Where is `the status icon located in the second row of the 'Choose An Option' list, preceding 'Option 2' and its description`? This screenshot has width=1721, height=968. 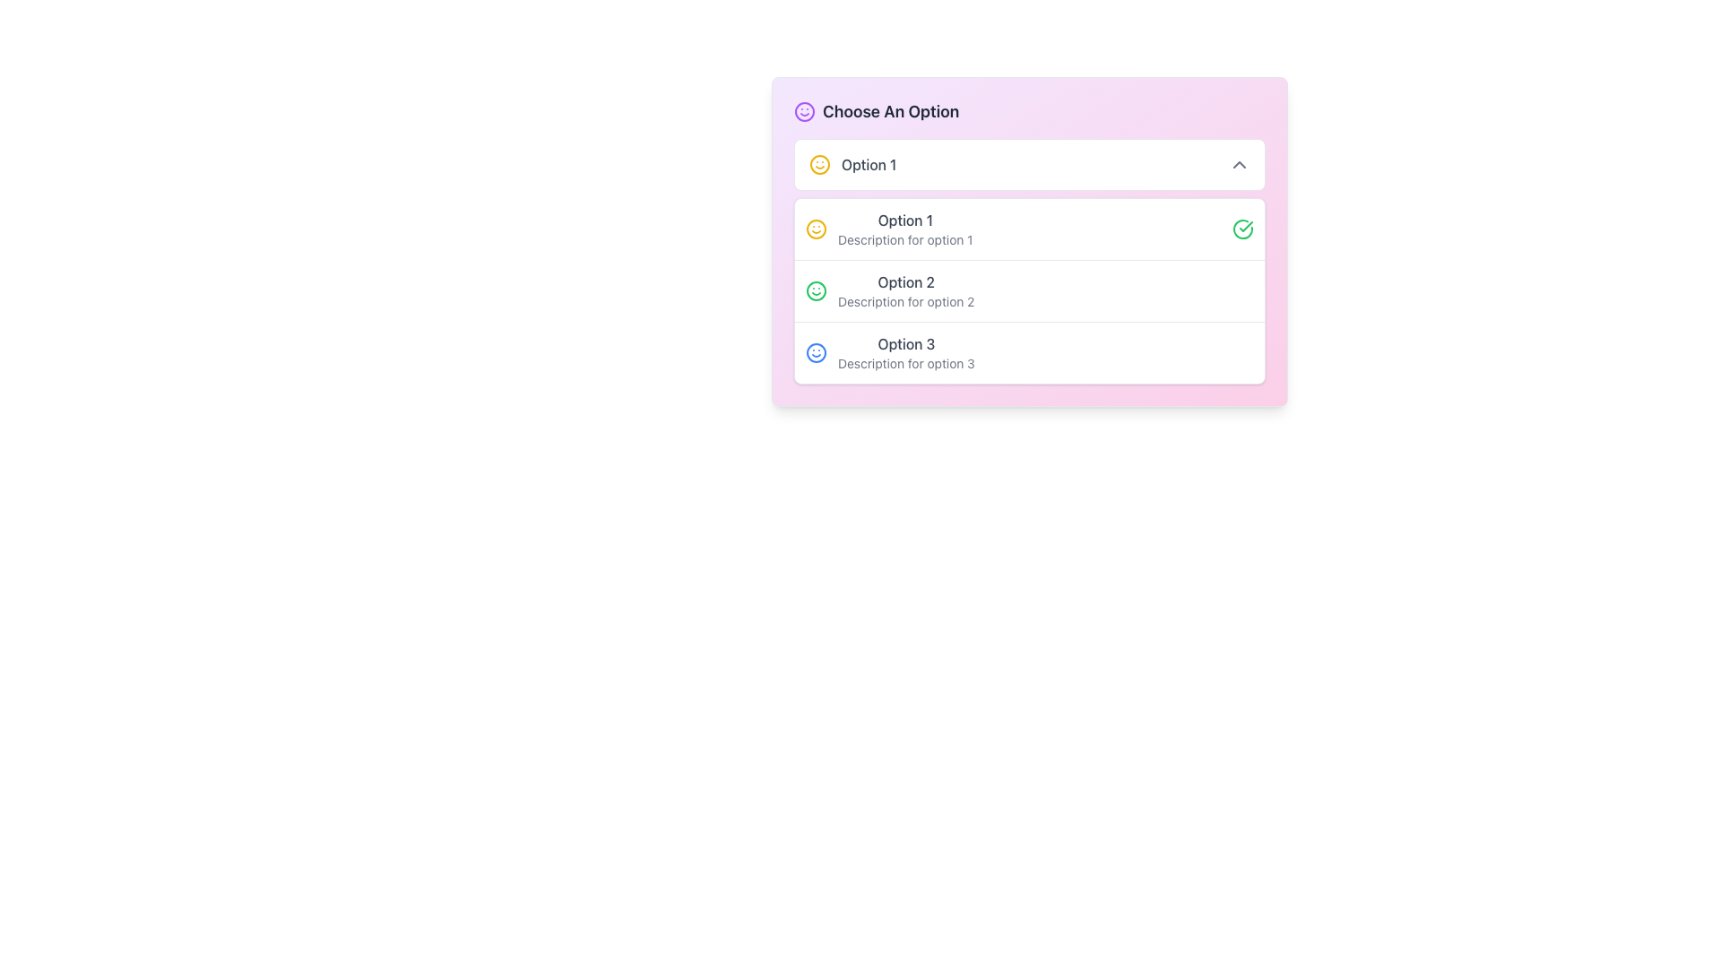 the status icon located in the second row of the 'Choose An Option' list, preceding 'Option 2' and its description is located at coordinates (816, 290).